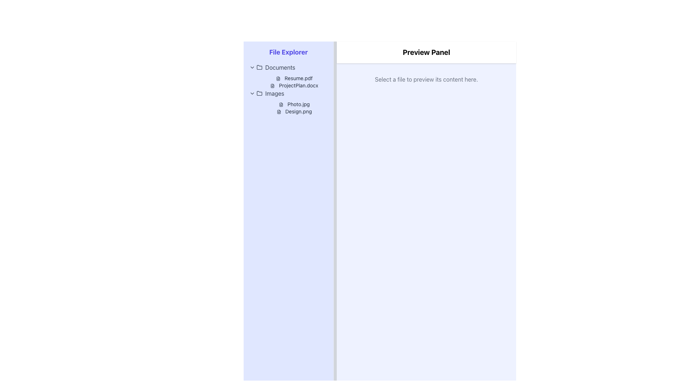 The image size is (693, 390). I want to click on the 'Design.png' label in the 'File Explorer' panel, so click(294, 111).